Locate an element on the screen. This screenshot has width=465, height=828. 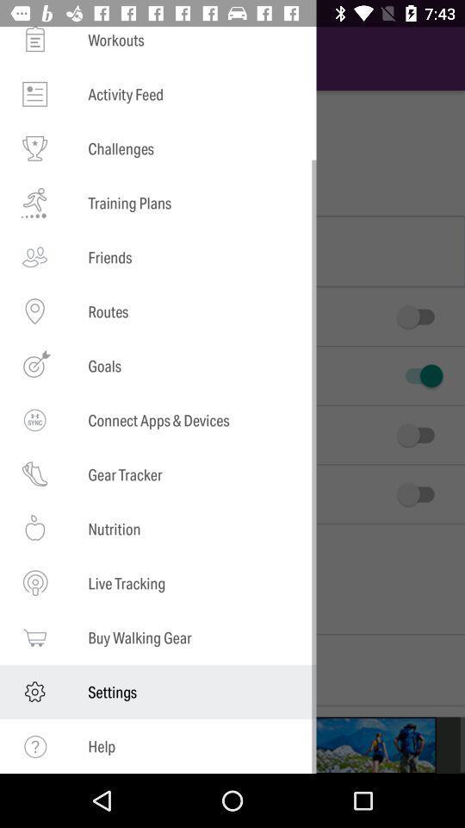
the second button from top is located at coordinates (418, 376).